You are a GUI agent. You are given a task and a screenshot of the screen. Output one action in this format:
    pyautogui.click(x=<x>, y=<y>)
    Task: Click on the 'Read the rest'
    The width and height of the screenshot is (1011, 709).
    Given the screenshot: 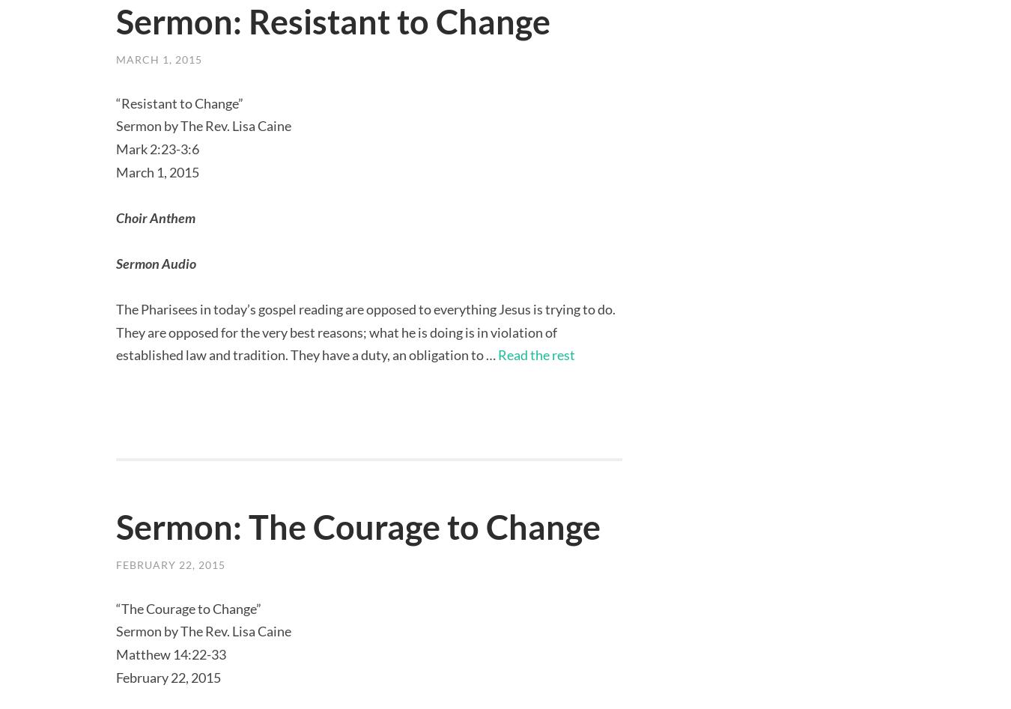 What is the action you would take?
    pyautogui.click(x=535, y=354)
    